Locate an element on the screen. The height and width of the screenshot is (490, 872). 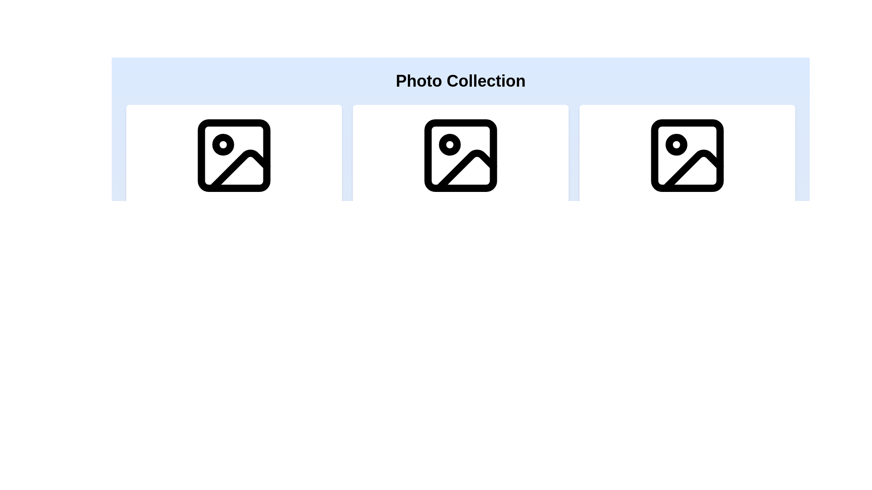
the decorative circle element within the SVG framework that serves as an indicator in the third photo icon is located at coordinates (676, 144).